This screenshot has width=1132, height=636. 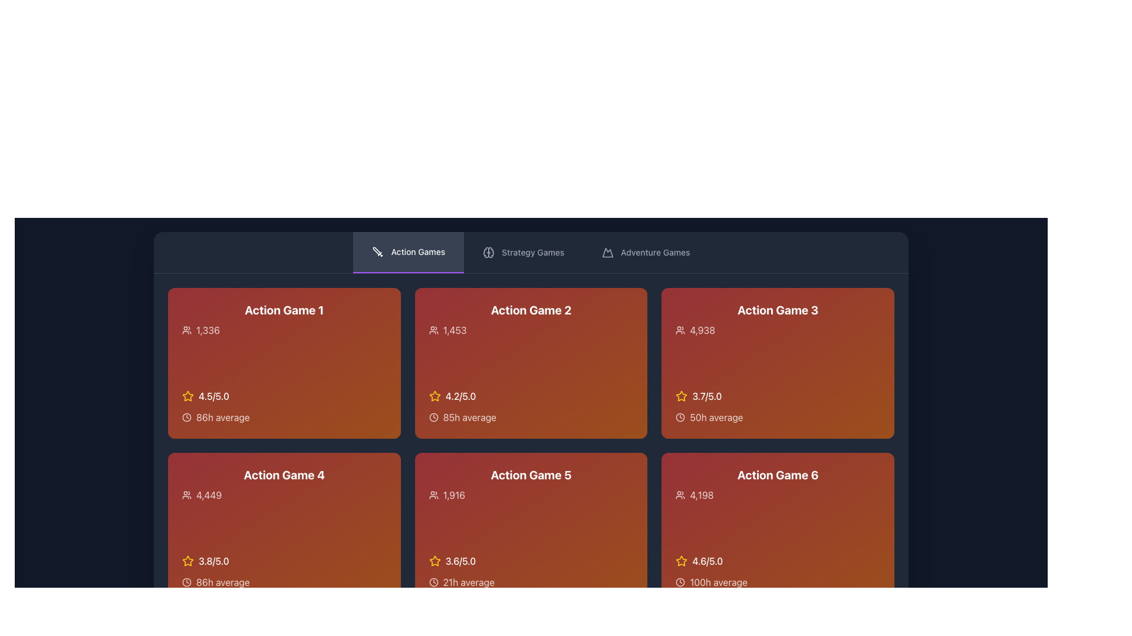 I want to click on the icon indicating the 'Adventure Games' category in the navigation bar, which is positioned to the left of the 'Adventure Games' text, so click(x=608, y=251).